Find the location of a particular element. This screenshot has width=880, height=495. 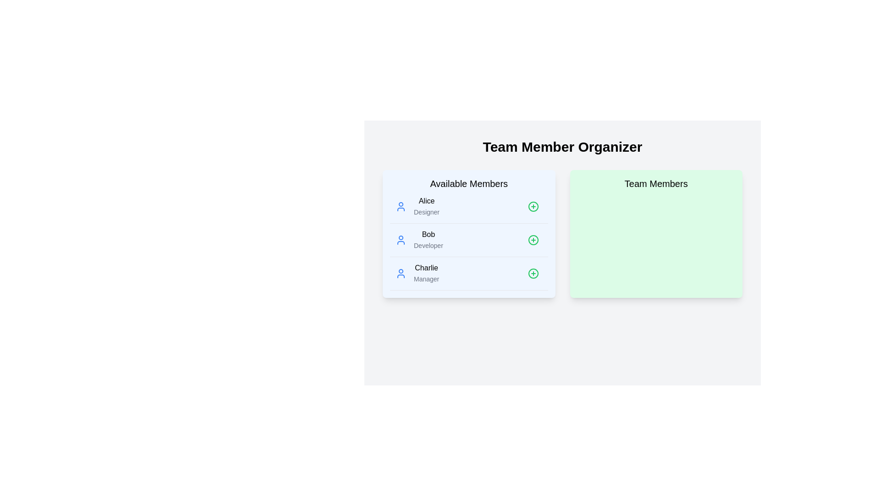

the Text block displaying the name 'Bob' in bold text, which is positioned in the second row of the 'Available Members' panel, directly below 'Alice/Designer' and above 'Charlie/Manager' is located at coordinates (428, 240).